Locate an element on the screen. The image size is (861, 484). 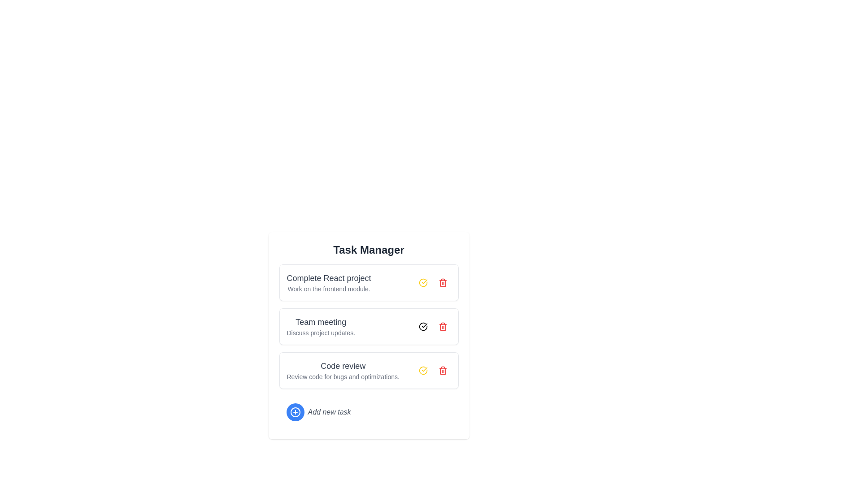
the Circular Button Icon located at the bottom section of the task manager interface to create a new task is located at coordinates (295, 412).